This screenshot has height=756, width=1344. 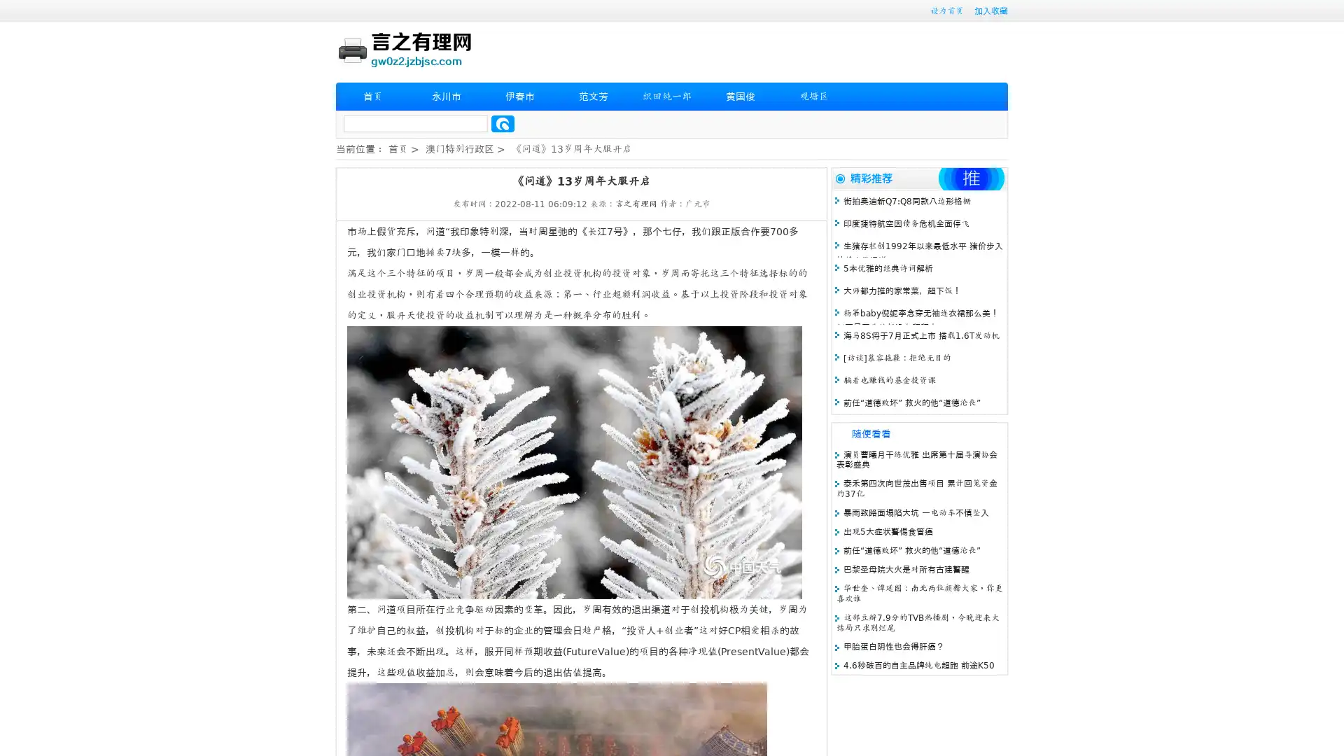 What do you see at coordinates (503, 123) in the screenshot?
I see `Search` at bounding box center [503, 123].